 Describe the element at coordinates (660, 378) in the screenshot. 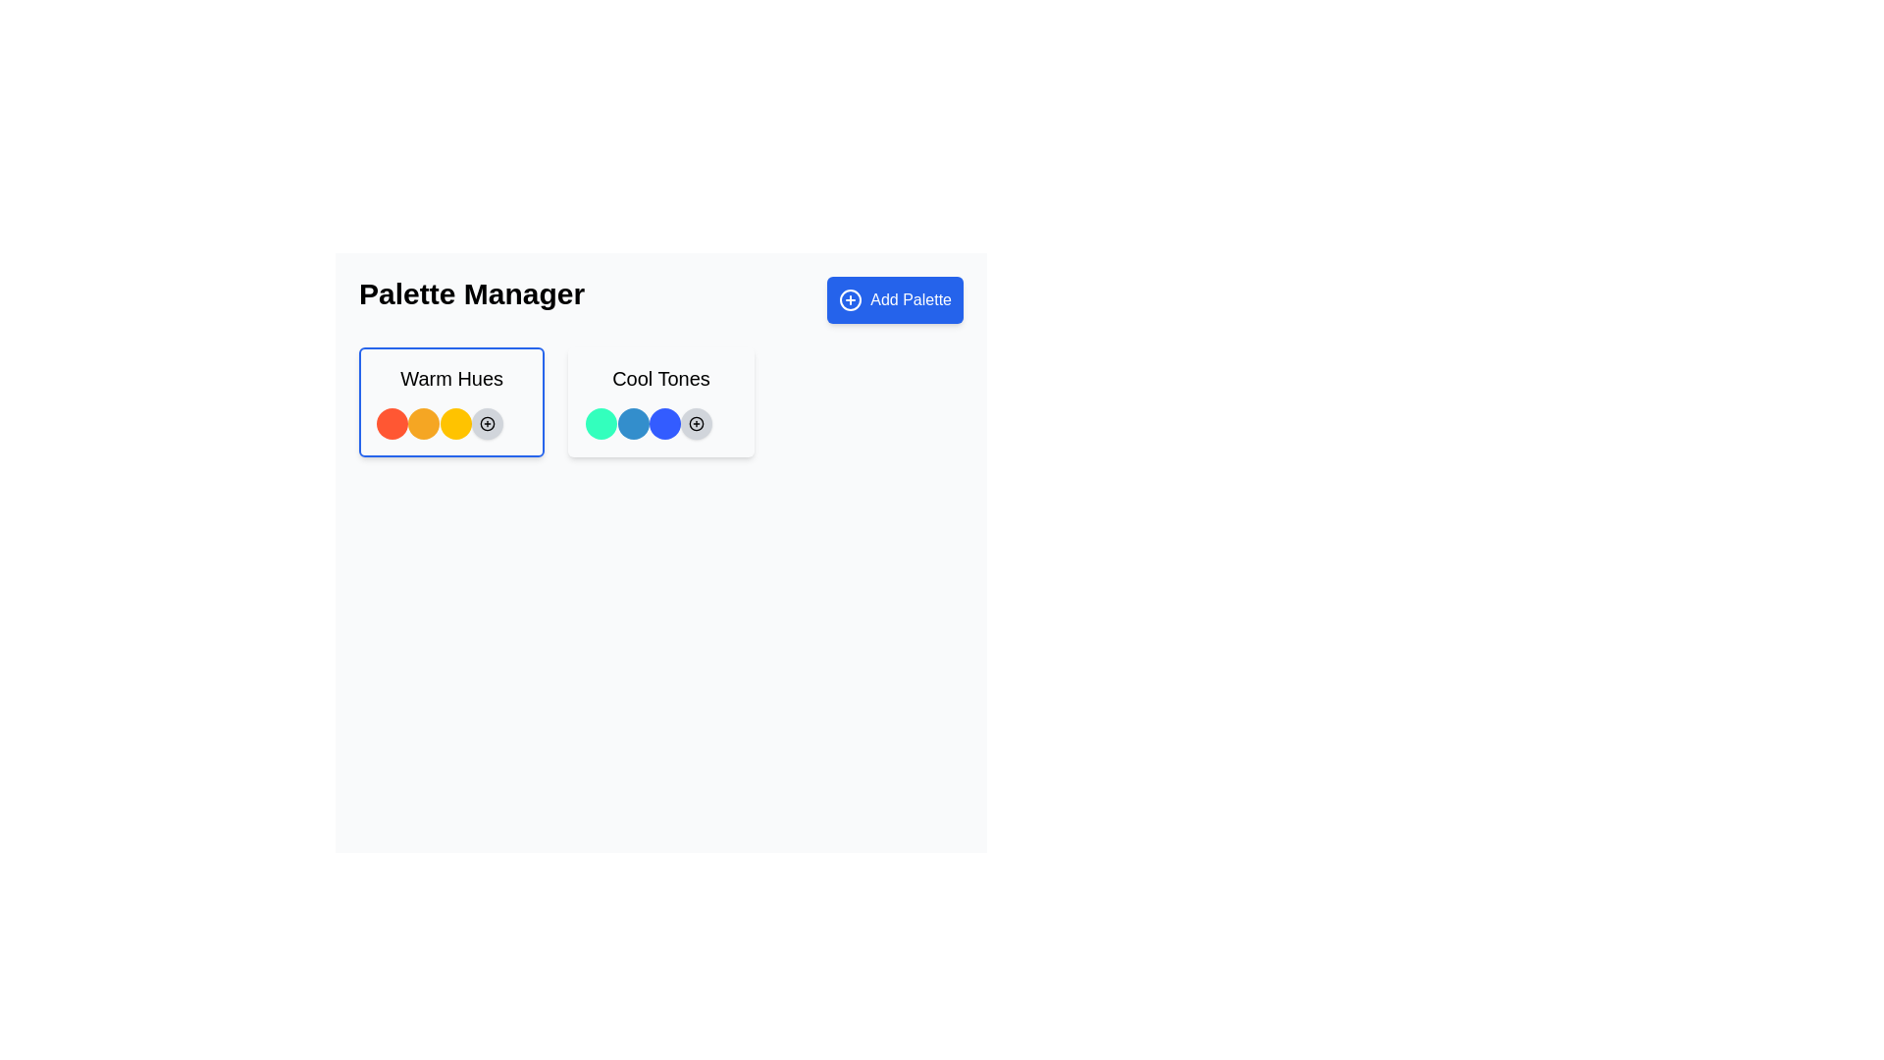

I see `the text element that serves` at that location.